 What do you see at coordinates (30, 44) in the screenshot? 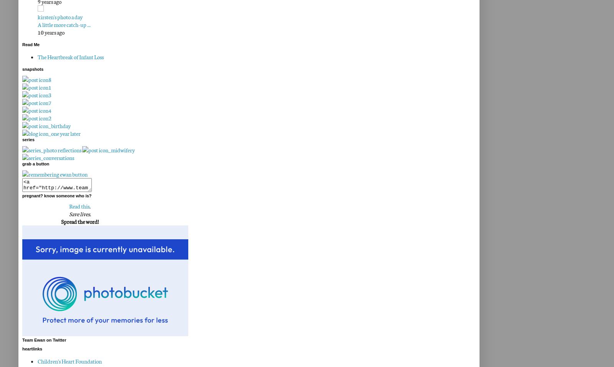
I see `'Read Me'` at bounding box center [30, 44].